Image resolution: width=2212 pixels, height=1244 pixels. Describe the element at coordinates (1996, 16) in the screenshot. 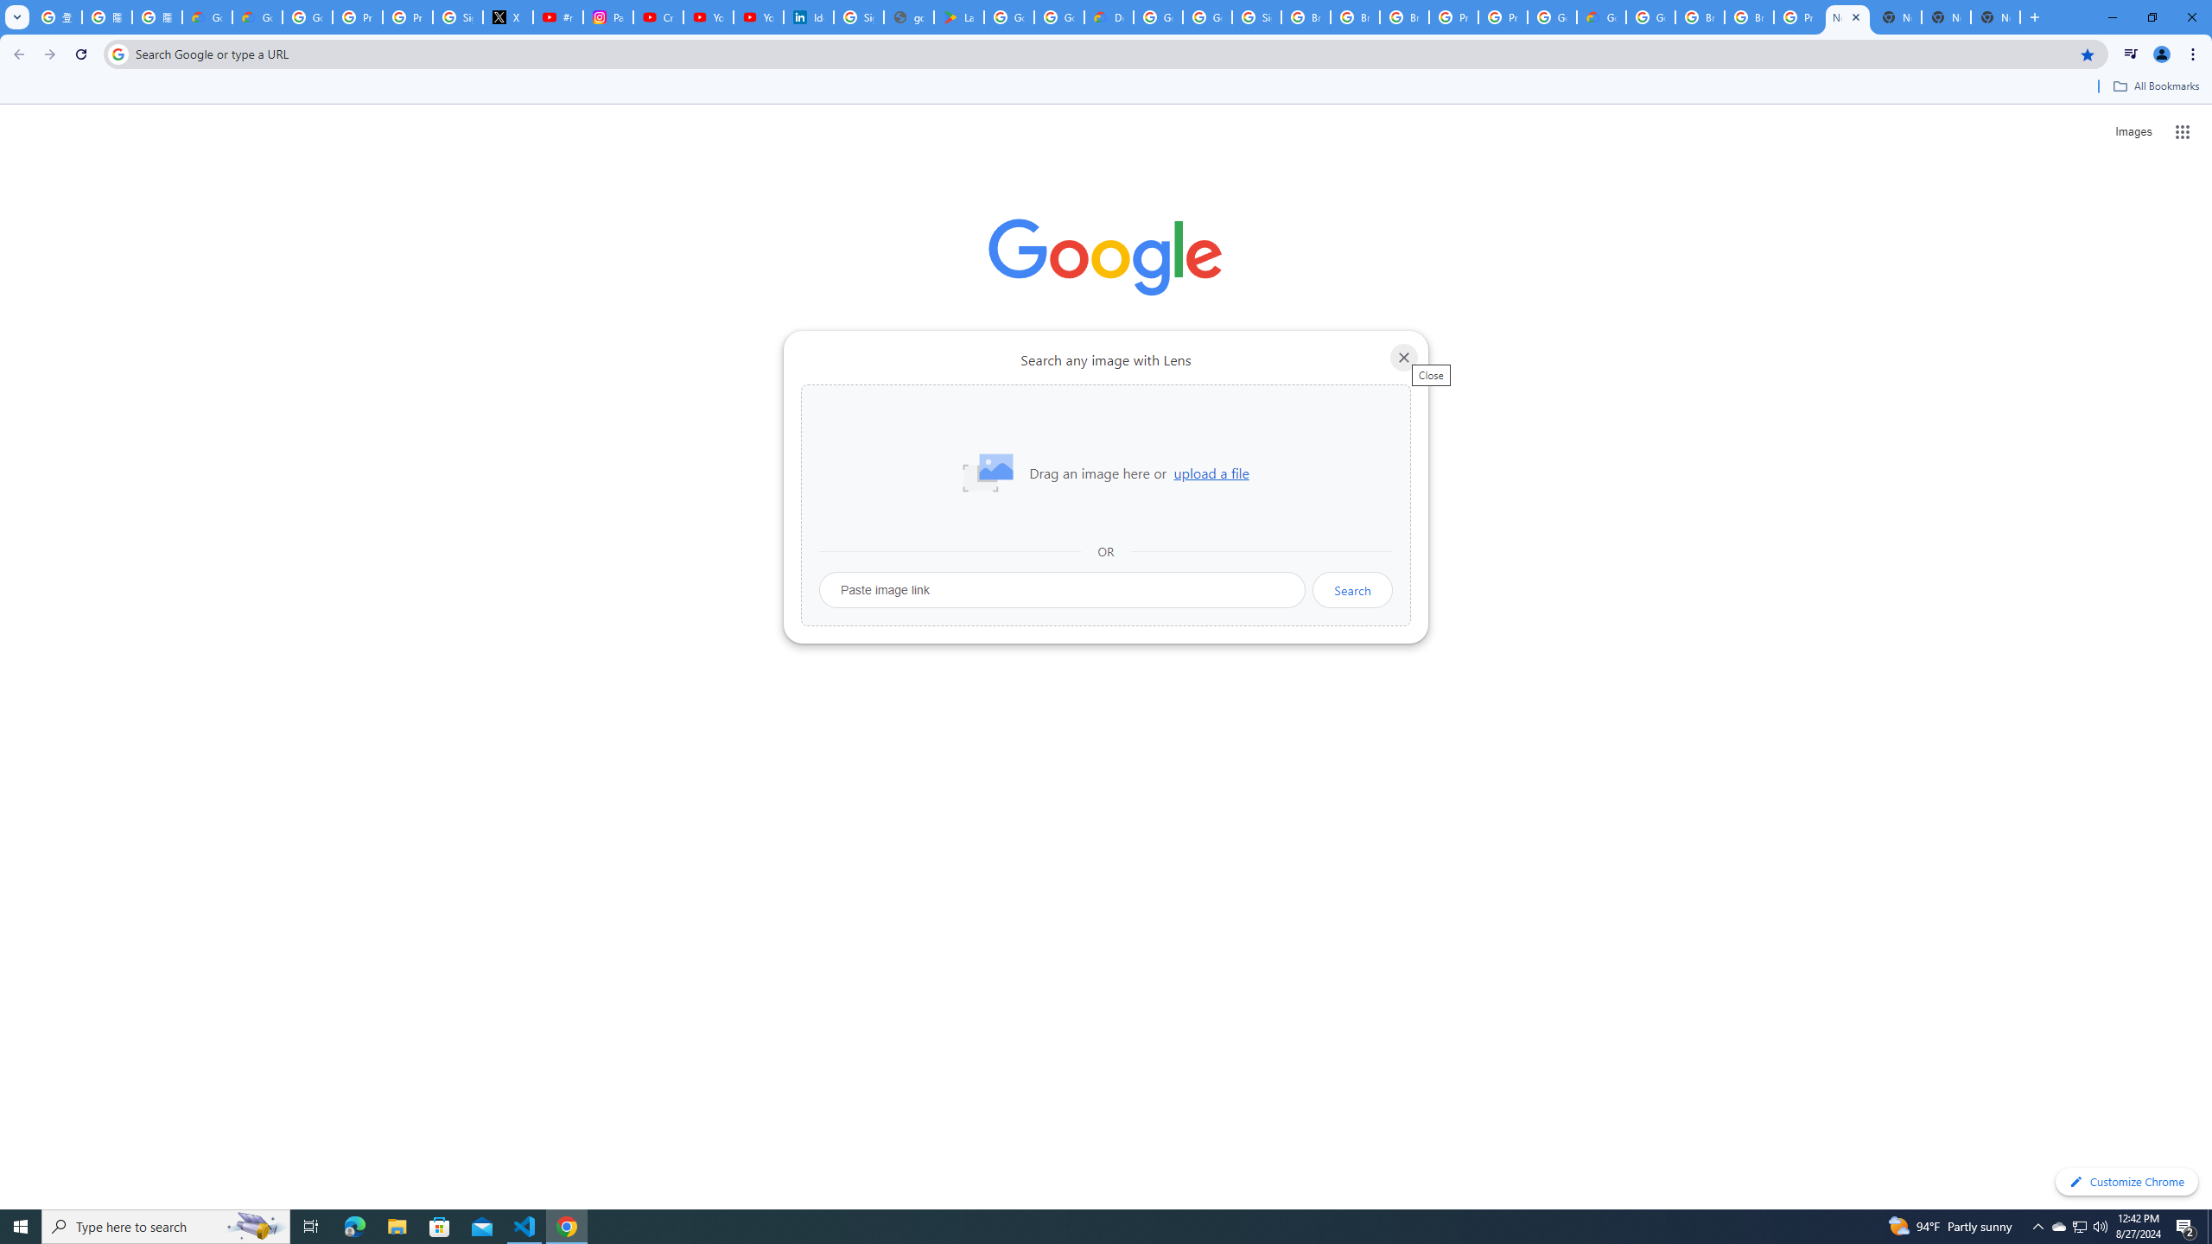

I see `'New Tab'` at that location.